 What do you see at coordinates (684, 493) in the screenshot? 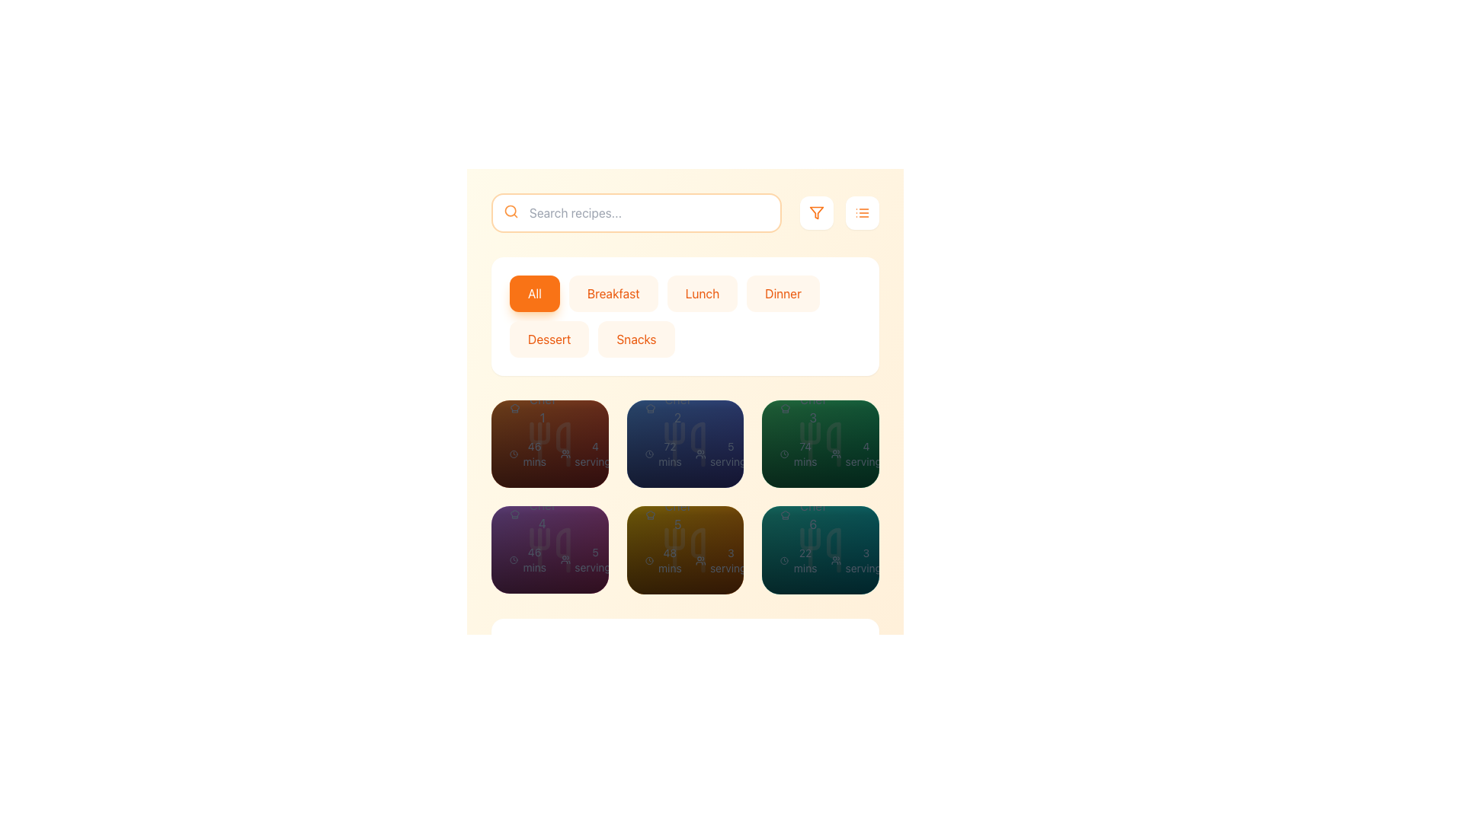
I see `text displayed in the Text block located in the bottom-left quarter of the second card in the recipe grid` at bounding box center [684, 493].